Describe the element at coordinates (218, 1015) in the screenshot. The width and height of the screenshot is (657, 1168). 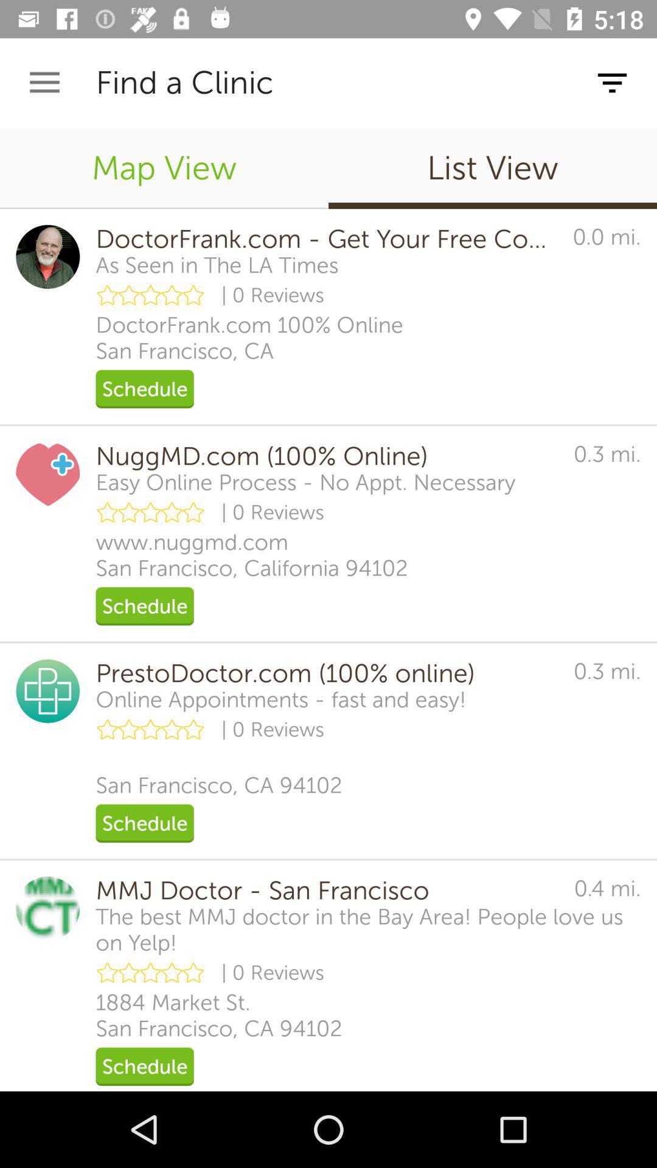
I see `1884 market st` at that location.